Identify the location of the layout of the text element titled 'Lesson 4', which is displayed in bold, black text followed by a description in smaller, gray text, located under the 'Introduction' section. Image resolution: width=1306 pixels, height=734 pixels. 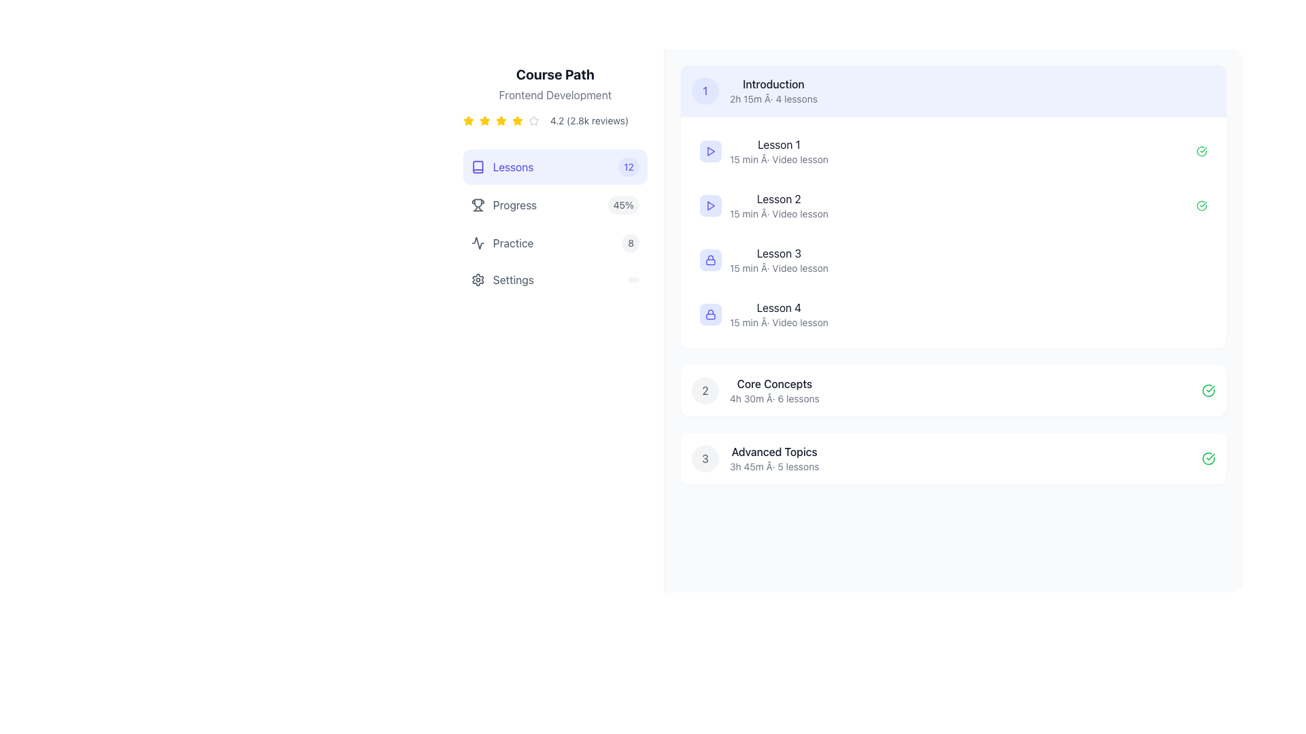
(779, 314).